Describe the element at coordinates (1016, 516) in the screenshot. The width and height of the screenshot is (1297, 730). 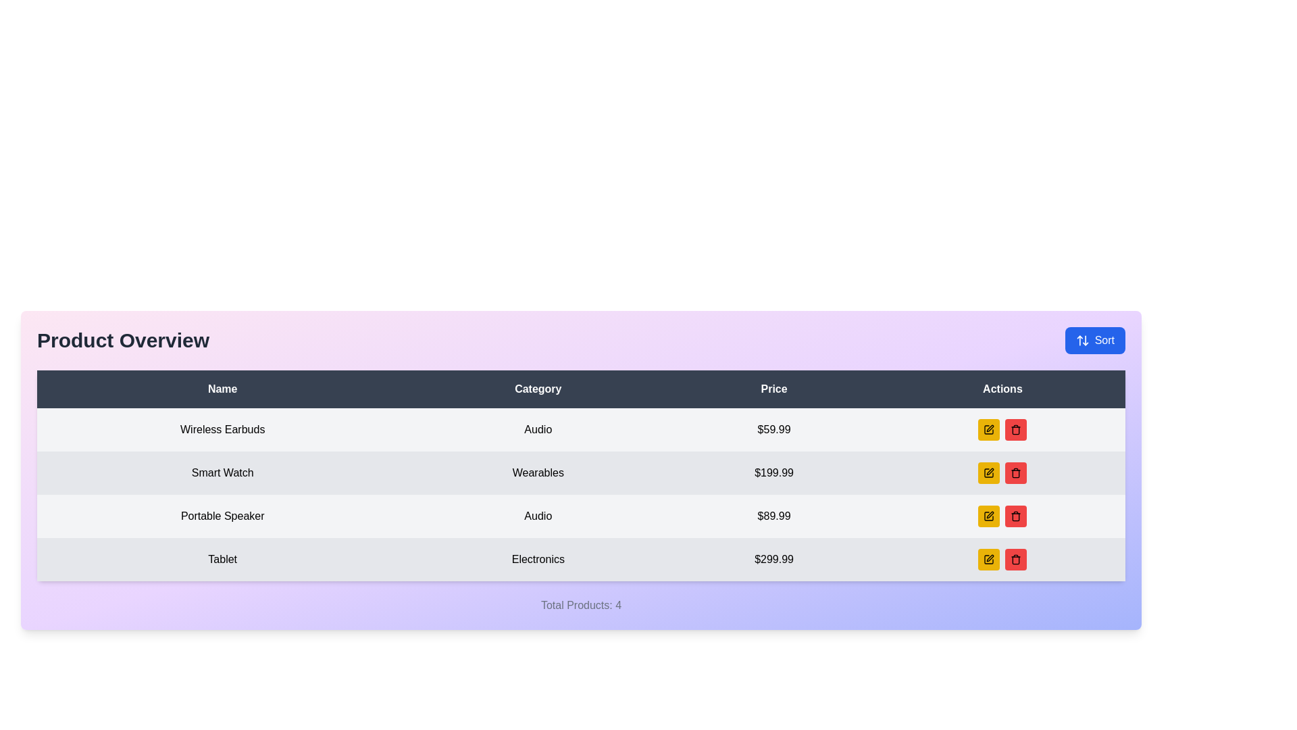
I see `the delete button located in the fourth row of the 'Actions' column in the table, which is the second button to the right of the yellow 'edit' button` at that location.